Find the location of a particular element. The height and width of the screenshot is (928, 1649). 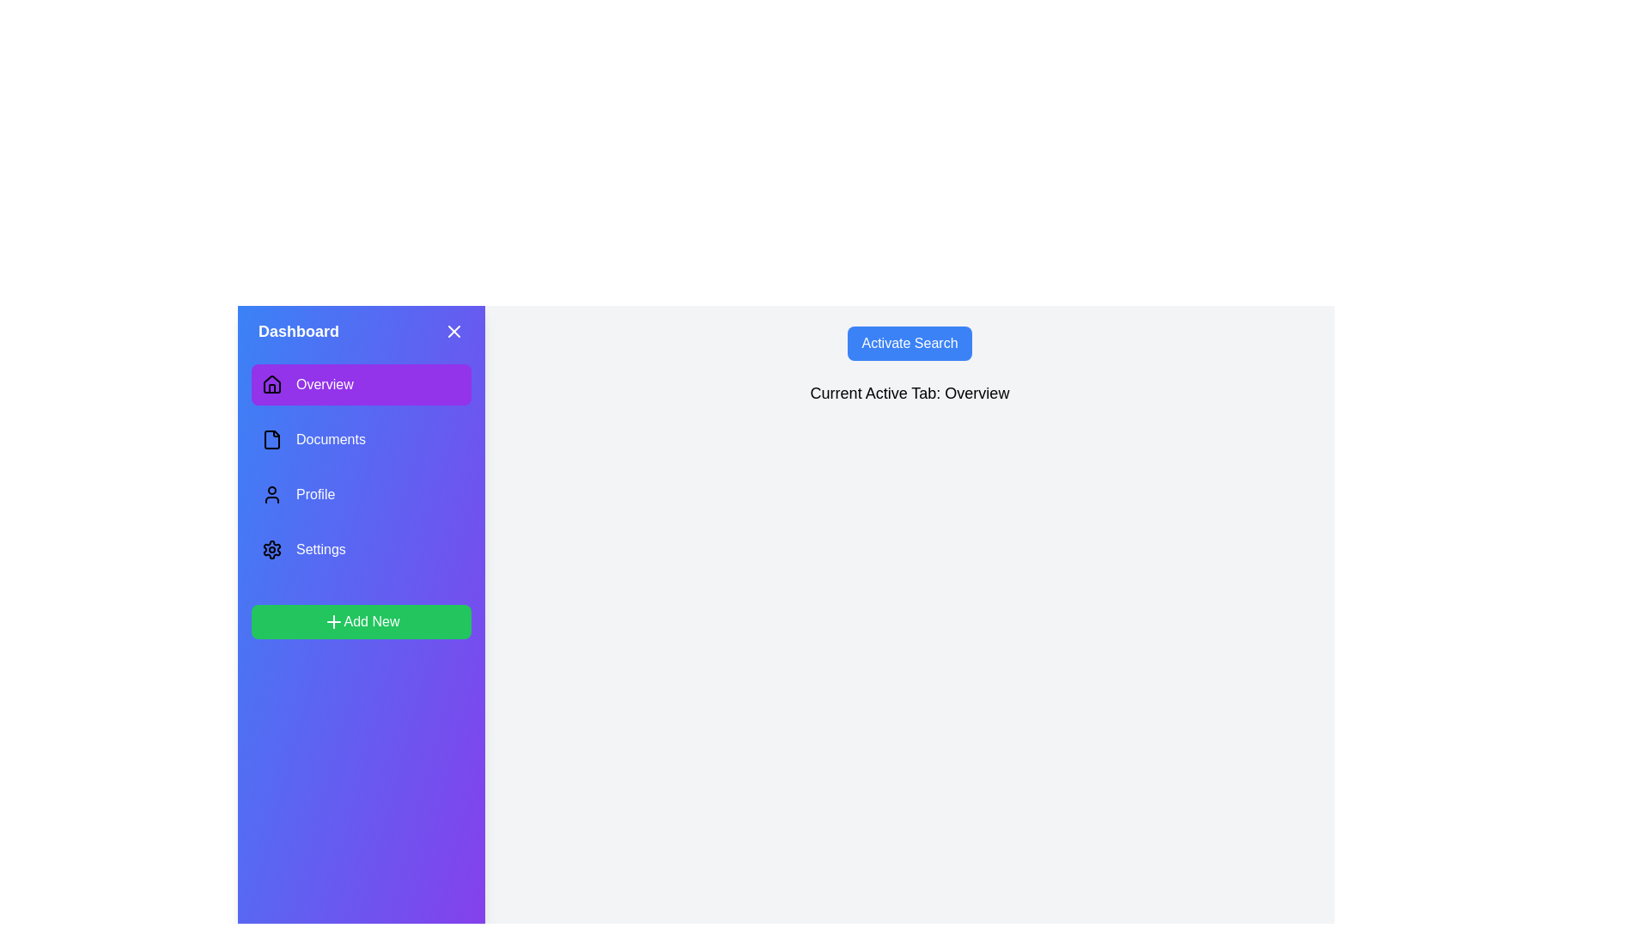

the bold, white-colored 'Dashboard' label located in the top-left section of the sidebar with a larger font size on a blue gradient background is located at coordinates (299, 331).